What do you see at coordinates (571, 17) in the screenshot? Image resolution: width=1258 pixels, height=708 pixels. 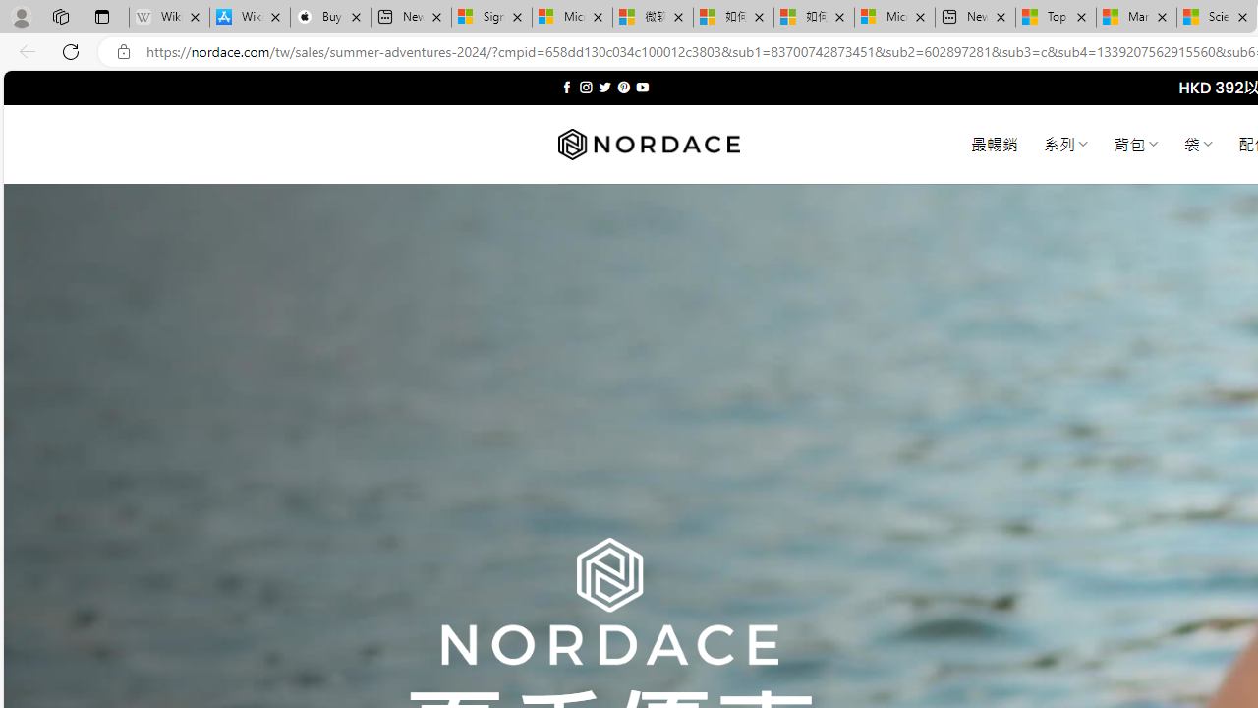 I see `'Microsoft Services Agreement'` at bounding box center [571, 17].